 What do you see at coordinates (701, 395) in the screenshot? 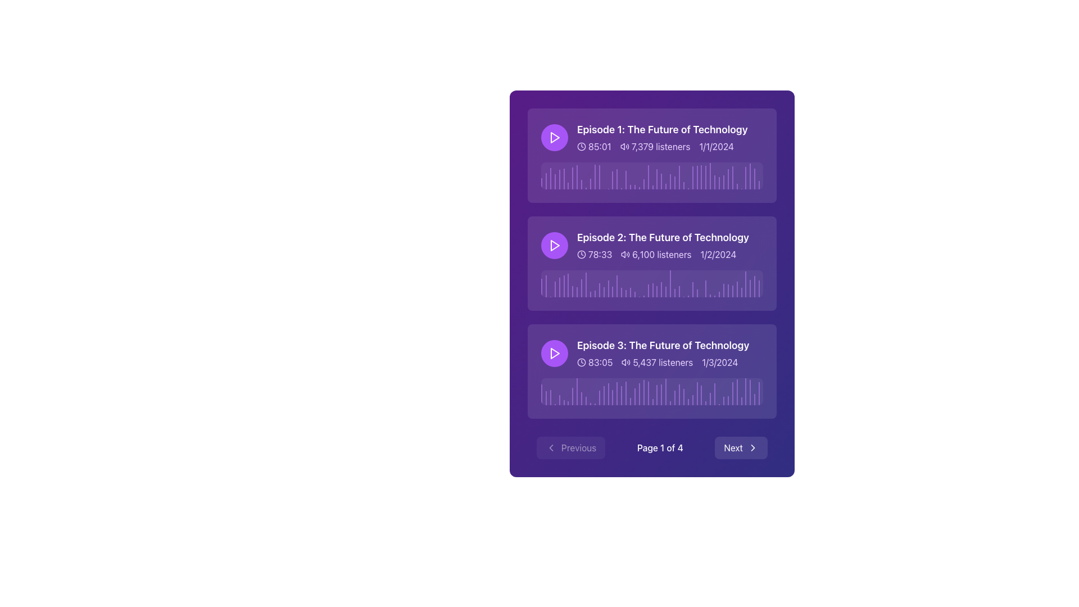
I see `the playback or progress marker located in the third row of items, positioned towards the right side of the waveform visualization` at bounding box center [701, 395].